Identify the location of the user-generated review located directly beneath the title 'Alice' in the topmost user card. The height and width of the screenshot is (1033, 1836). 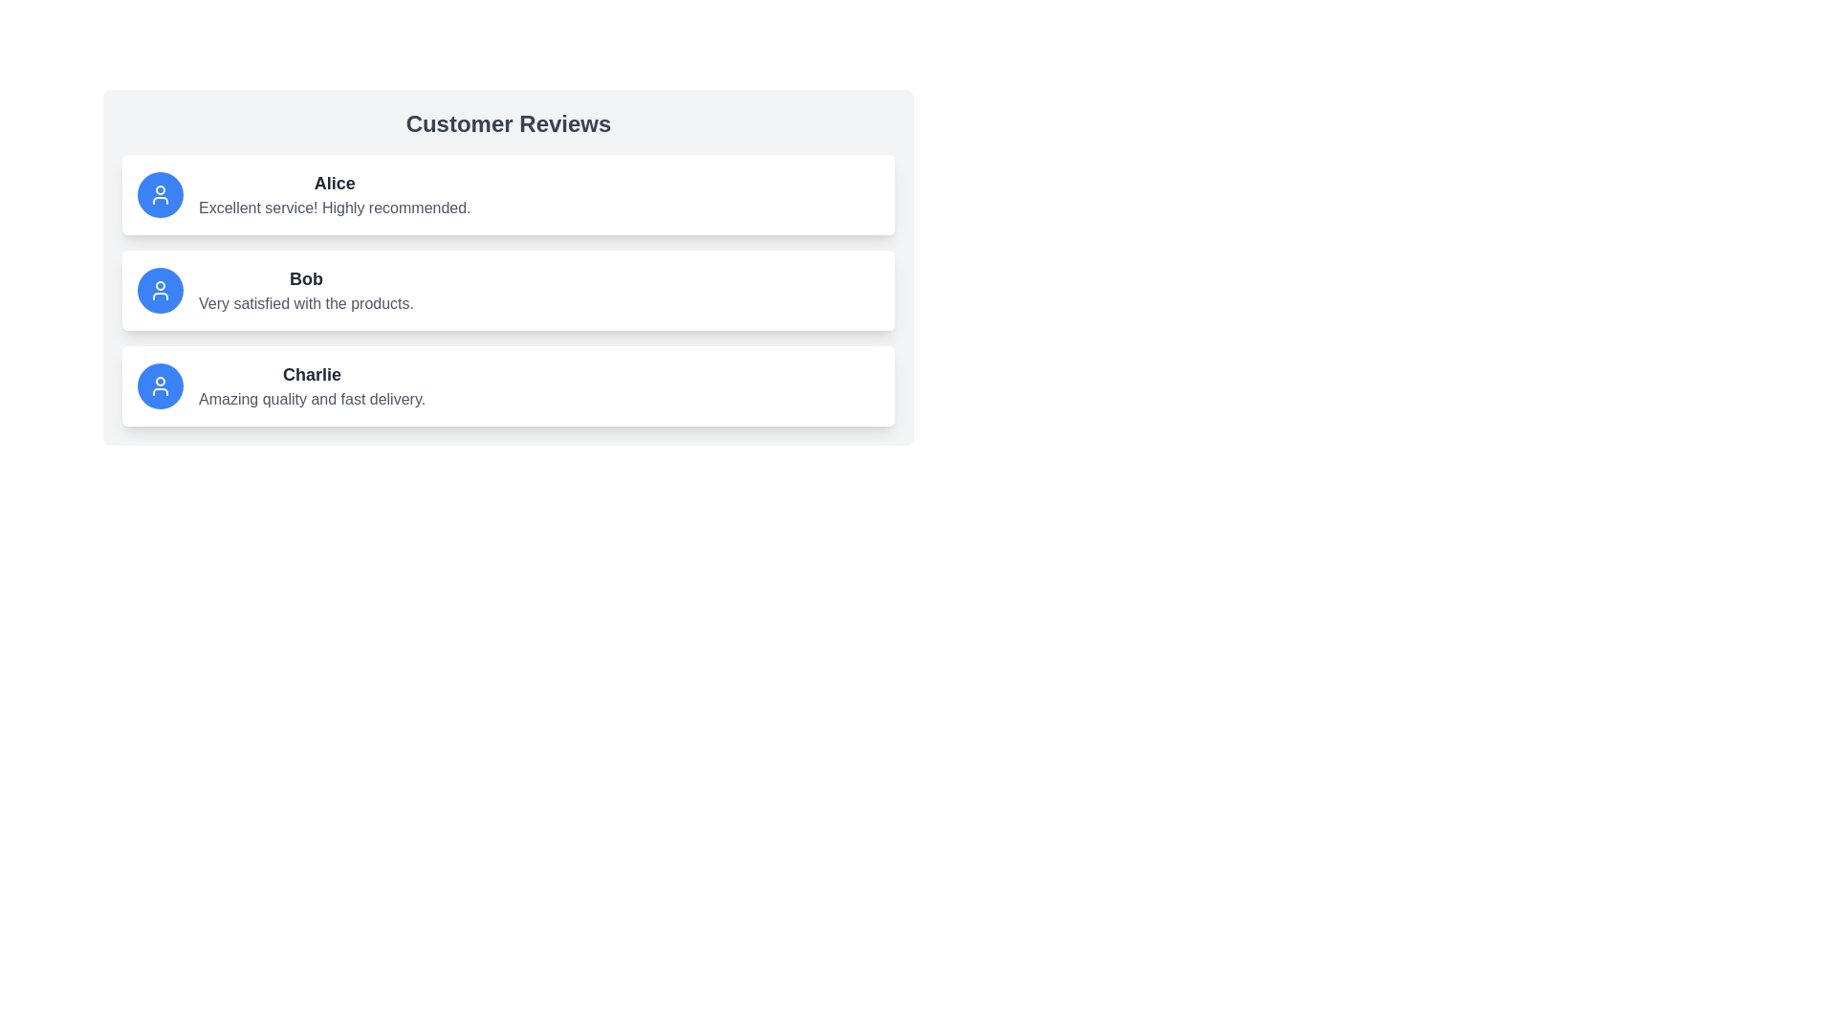
(335, 209).